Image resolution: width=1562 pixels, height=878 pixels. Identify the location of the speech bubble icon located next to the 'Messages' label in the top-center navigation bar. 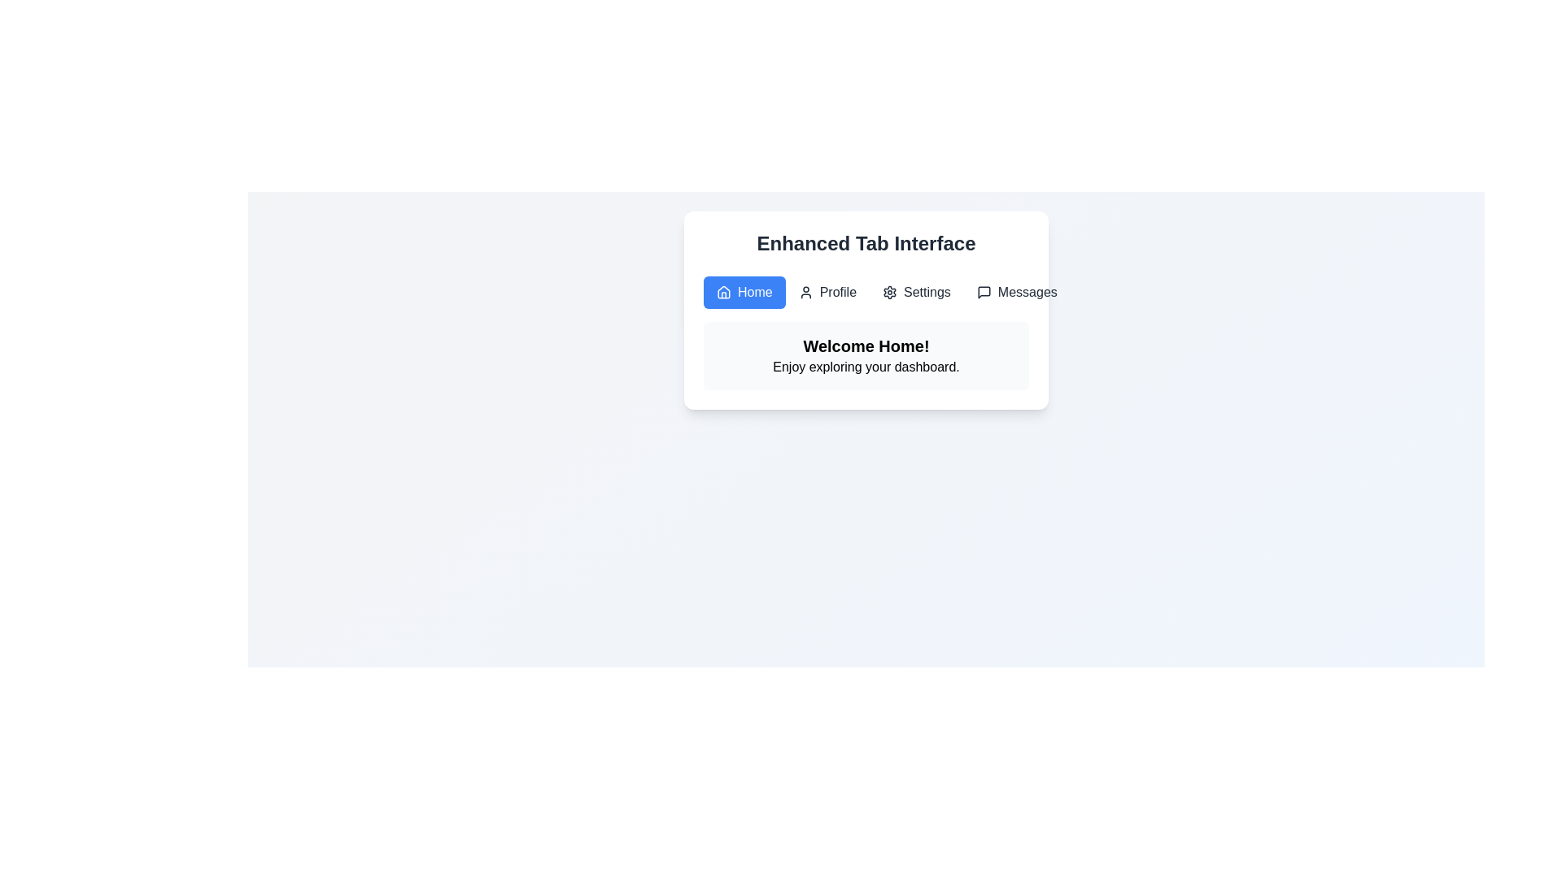
(983, 291).